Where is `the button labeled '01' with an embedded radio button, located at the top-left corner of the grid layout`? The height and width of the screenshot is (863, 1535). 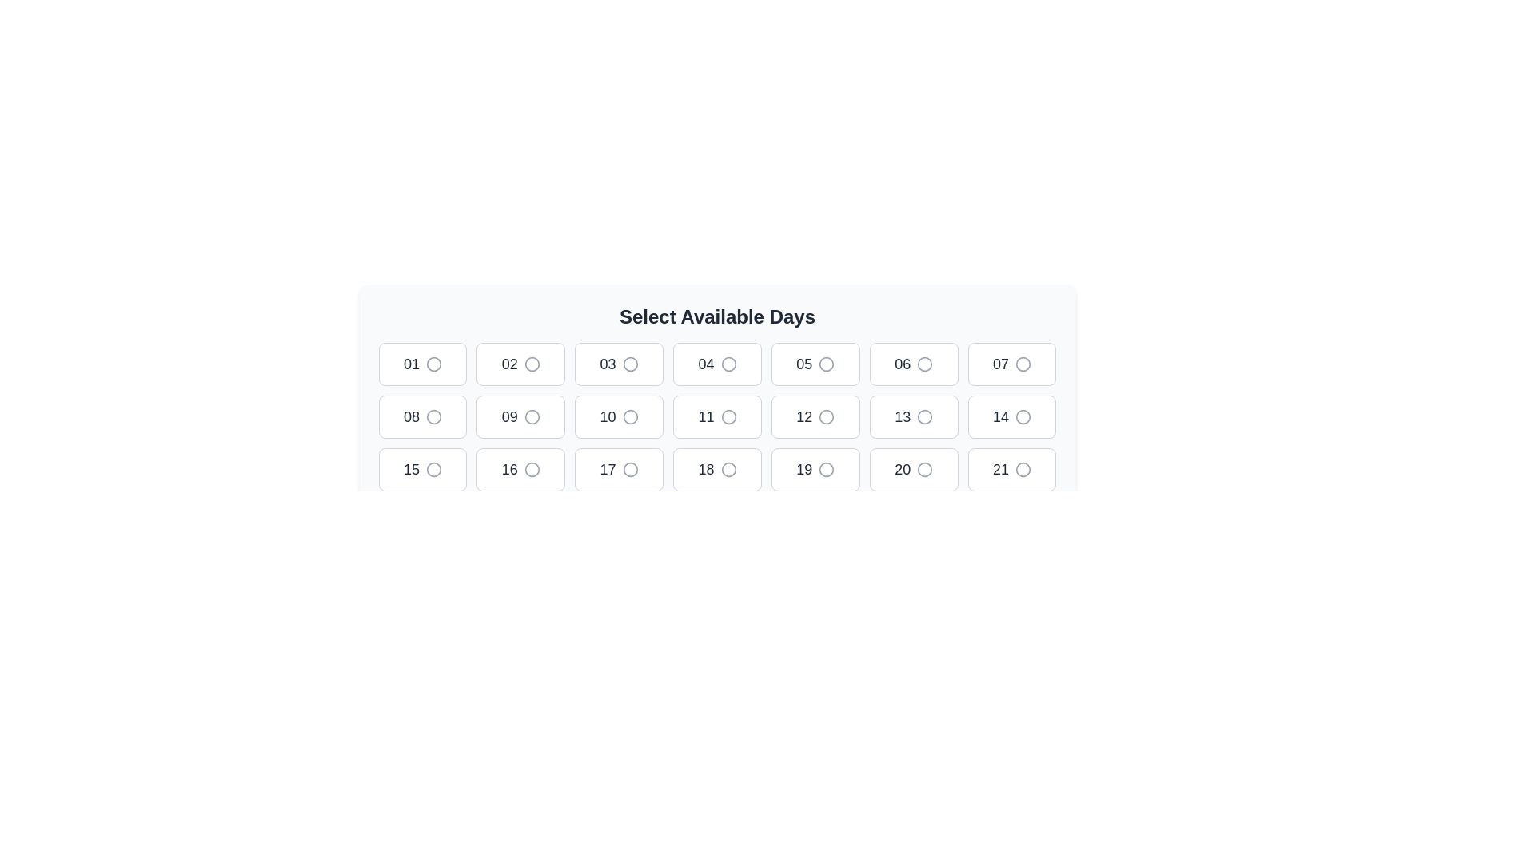 the button labeled '01' with an embedded radio button, located at the top-left corner of the grid layout is located at coordinates (422, 364).